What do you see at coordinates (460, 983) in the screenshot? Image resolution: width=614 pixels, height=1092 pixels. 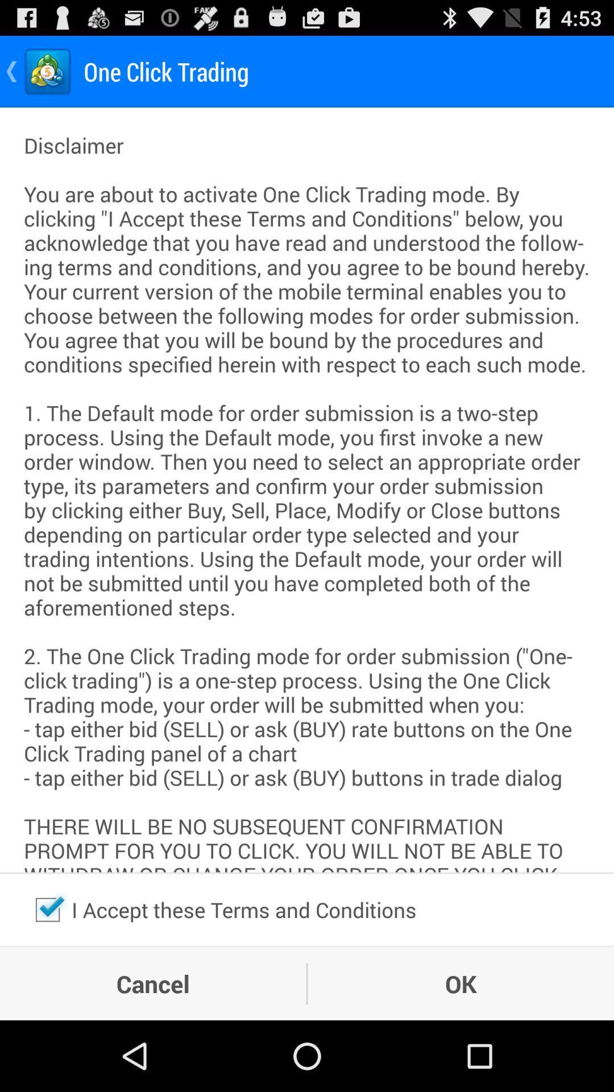 I see `the item at the bottom right corner` at bounding box center [460, 983].